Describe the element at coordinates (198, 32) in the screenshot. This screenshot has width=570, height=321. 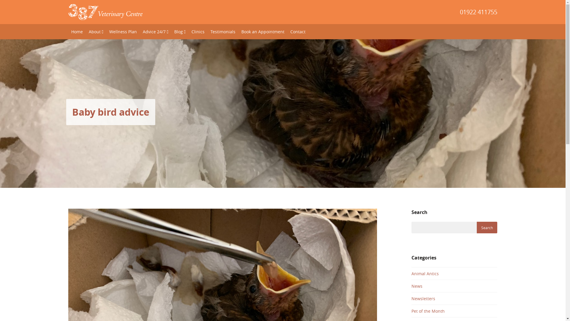
I see `'Clinics'` at that location.